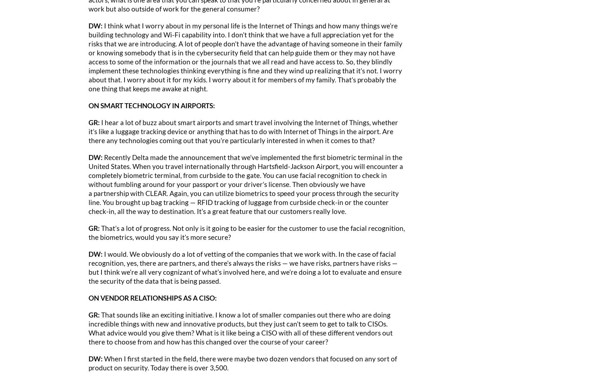 The width and height of the screenshot is (609, 379). What do you see at coordinates (246, 183) in the screenshot?
I see `'Recently Delta made the announcement that we’ve implemented the first biometric terminal in the United States. When you travel internationally through Hartsfield-Jackson Airport, you will encounter a completely biometric terminal, from curbside to the gate. You can use facial recognition to check in without fumbling around for your passport or your driver’s license. Then obviously we have a partnership with CLEAR. Again, you can utilize biometrics to speed your process through the security line. You brought up bag tracking — RFID tracking of luggage from curbside check-in or the counter check-in, all the way to destination. It’s a great feature that our customers really love.'` at bounding box center [246, 183].